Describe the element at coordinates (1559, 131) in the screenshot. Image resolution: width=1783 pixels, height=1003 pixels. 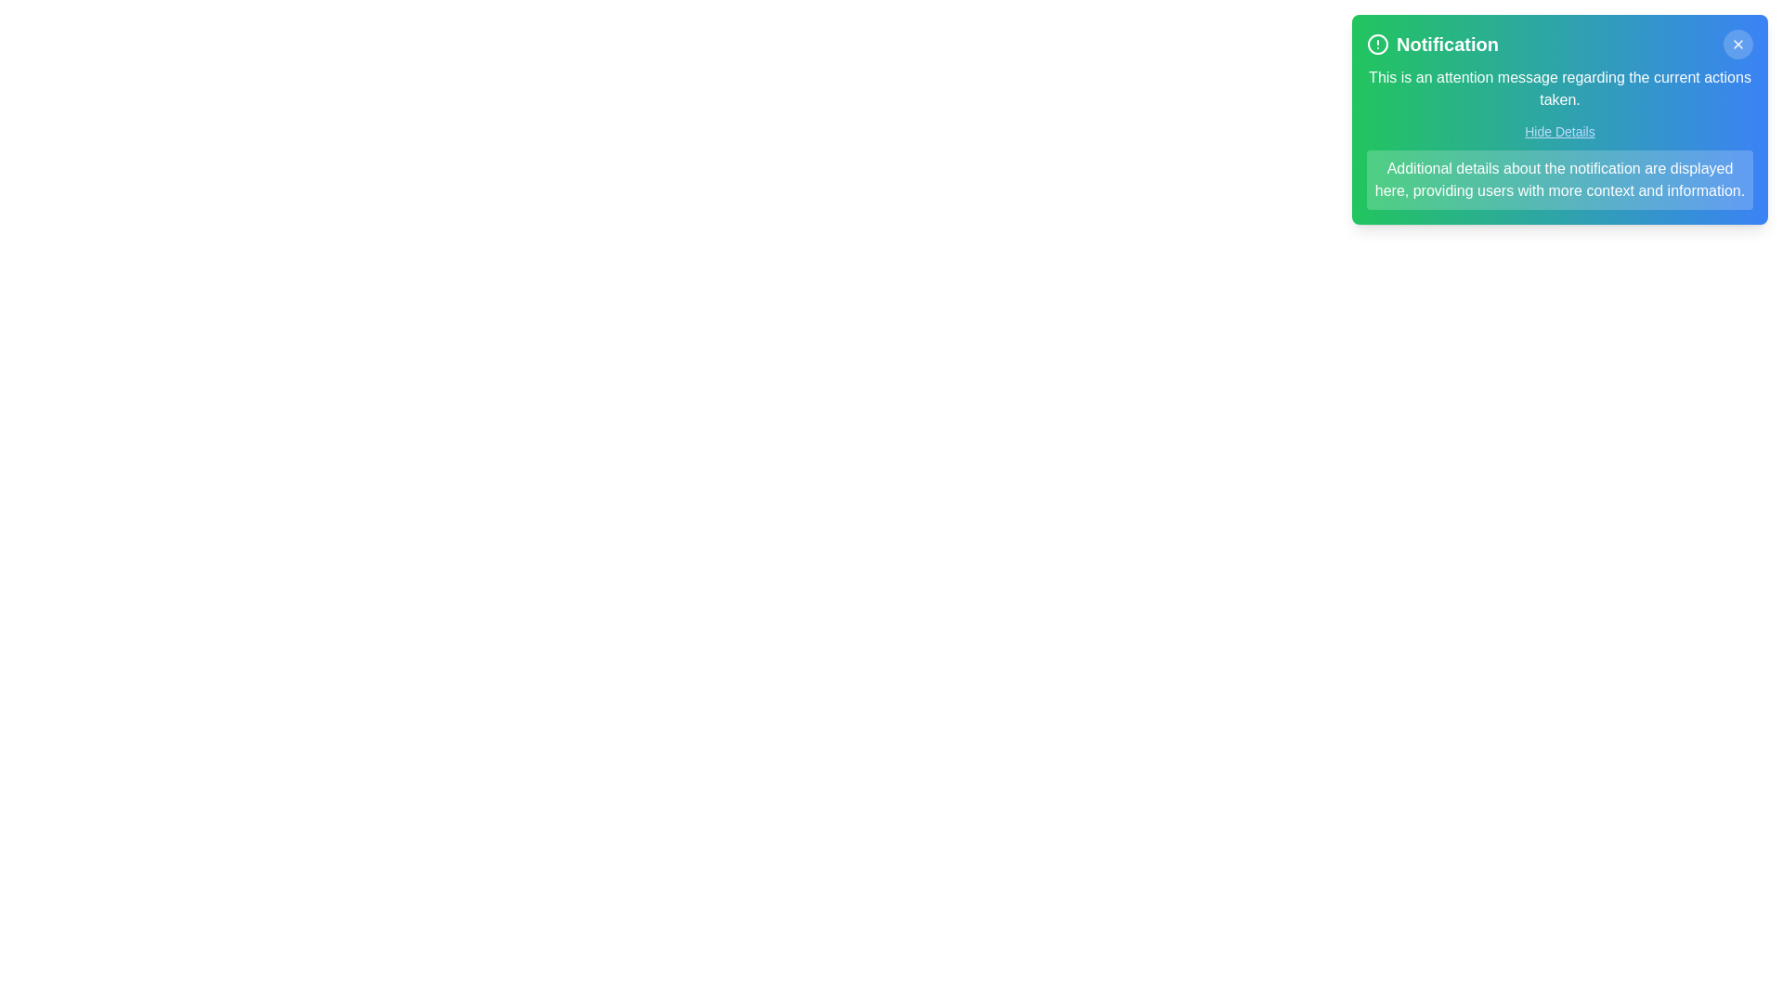
I see `the 'Hide Details' button to toggle the visibility of the detailed information` at that location.